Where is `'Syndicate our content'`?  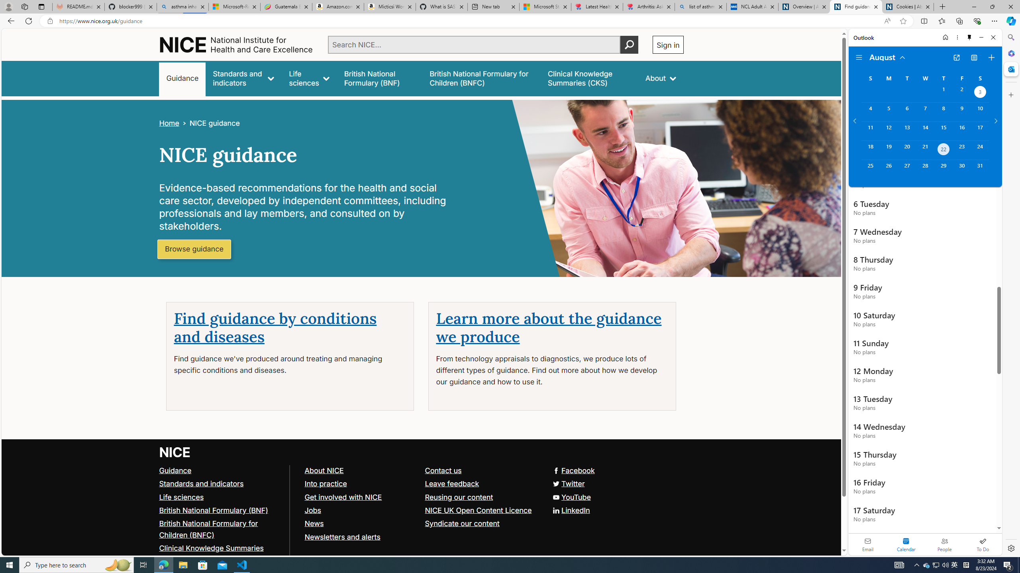
'Syndicate our content' is located at coordinates (461, 523).